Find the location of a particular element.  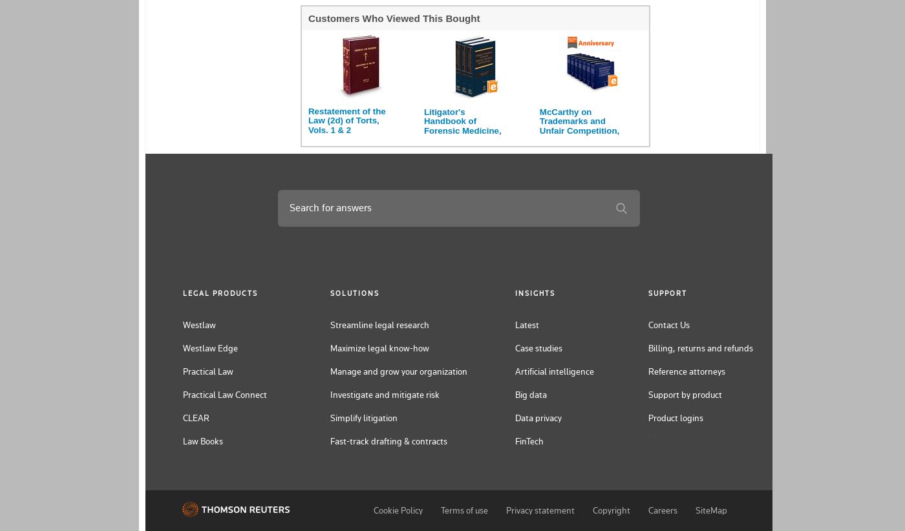

'Practical Law' is located at coordinates (208, 371).